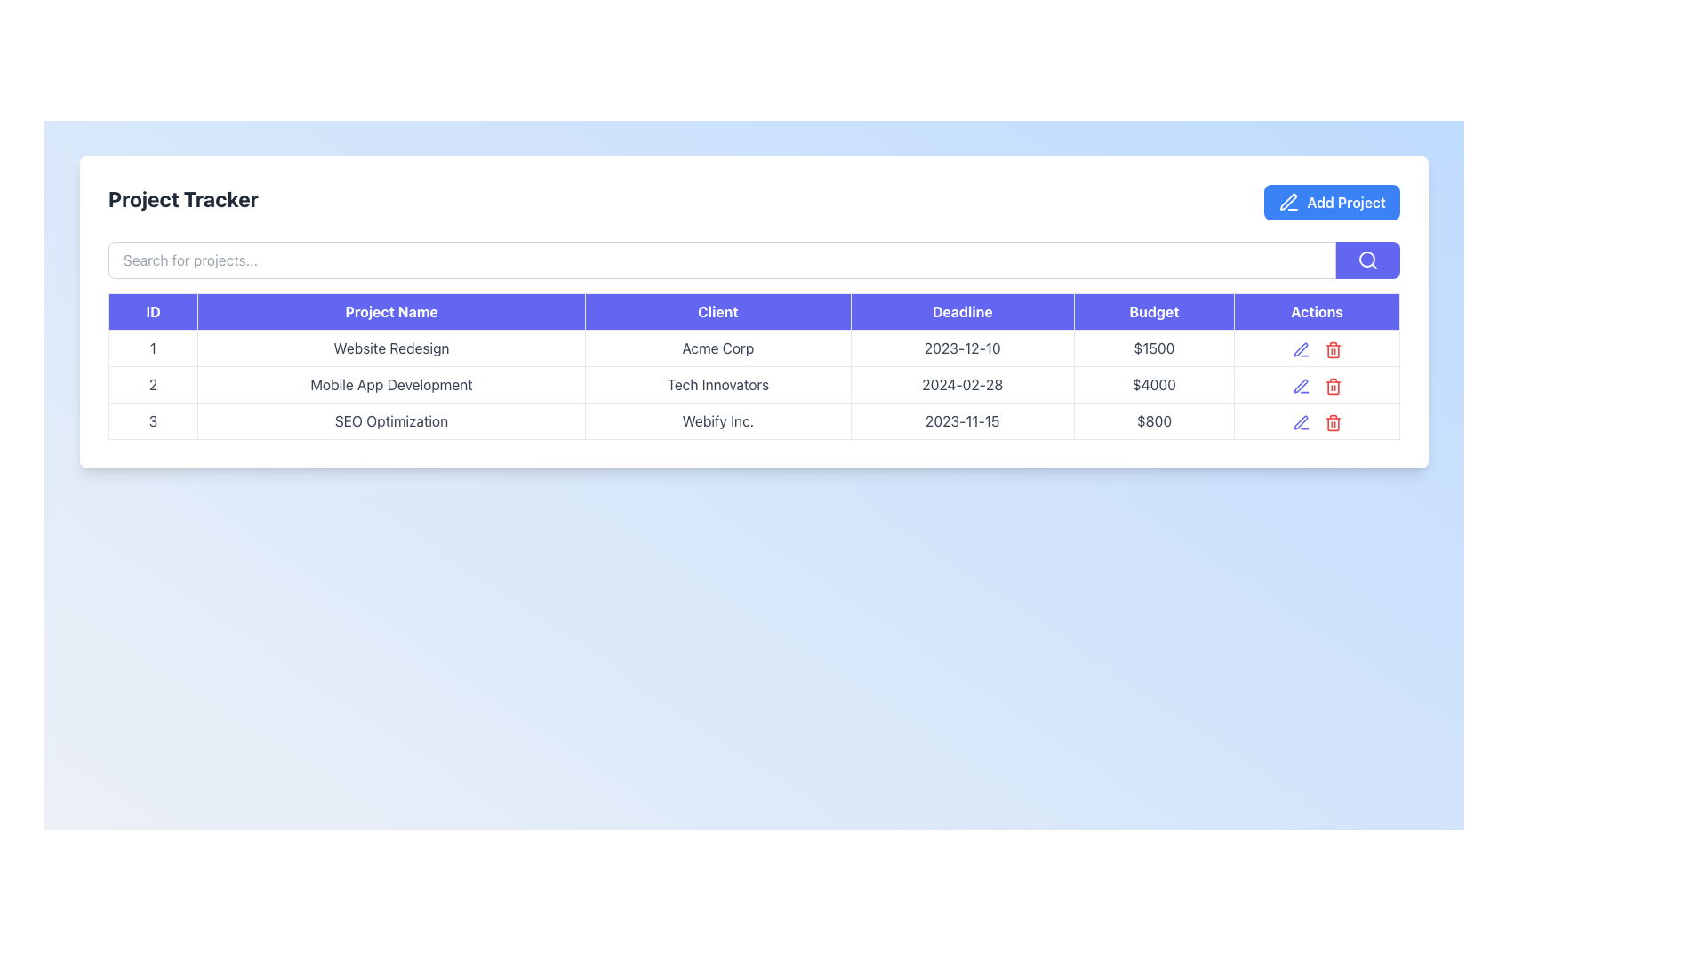 The image size is (1707, 960). Describe the element at coordinates (390, 383) in the screenshot. I see `to select the row containing the 'Mobile App Development' text display cell in the 'Project Name' column of the project tracker interface` at that location.